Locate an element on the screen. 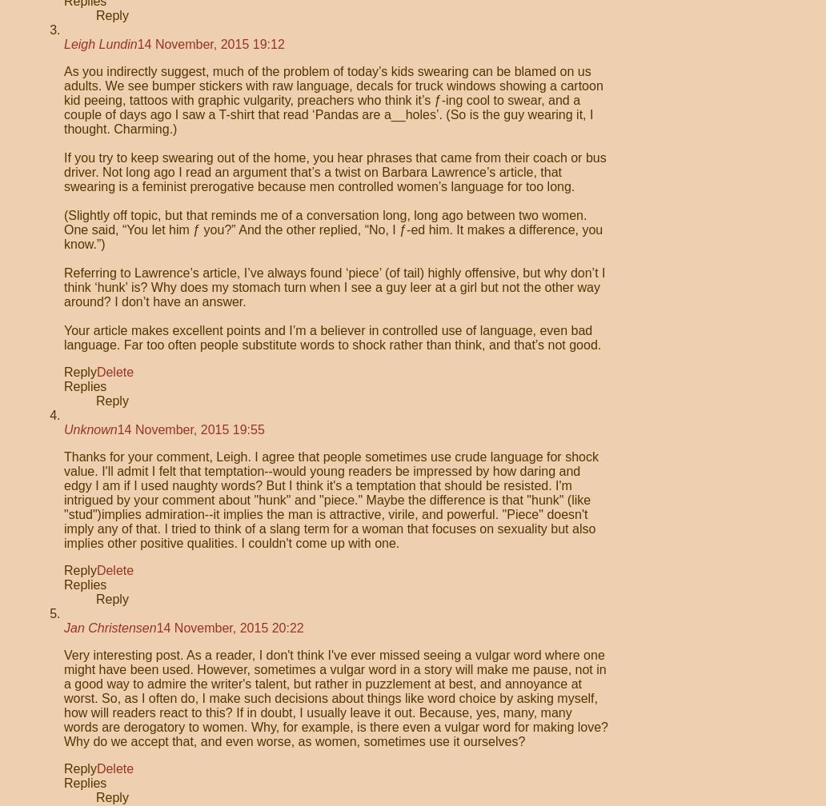  'Leigh Lundin' is located at coordinates (63, 44).